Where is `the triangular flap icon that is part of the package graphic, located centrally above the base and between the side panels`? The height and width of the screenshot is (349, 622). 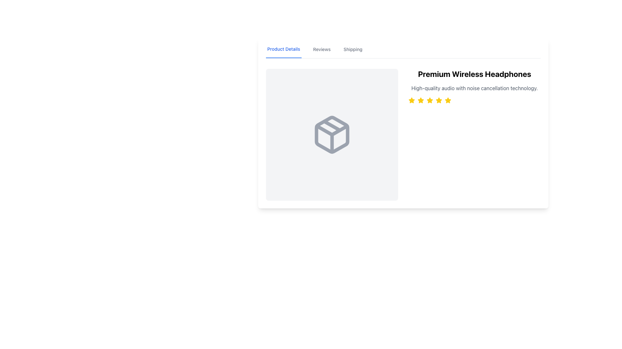 the triangular flap icon that is part of the package graphic, located centrally above the base and between the side panels is located at coordinates (332, 130).